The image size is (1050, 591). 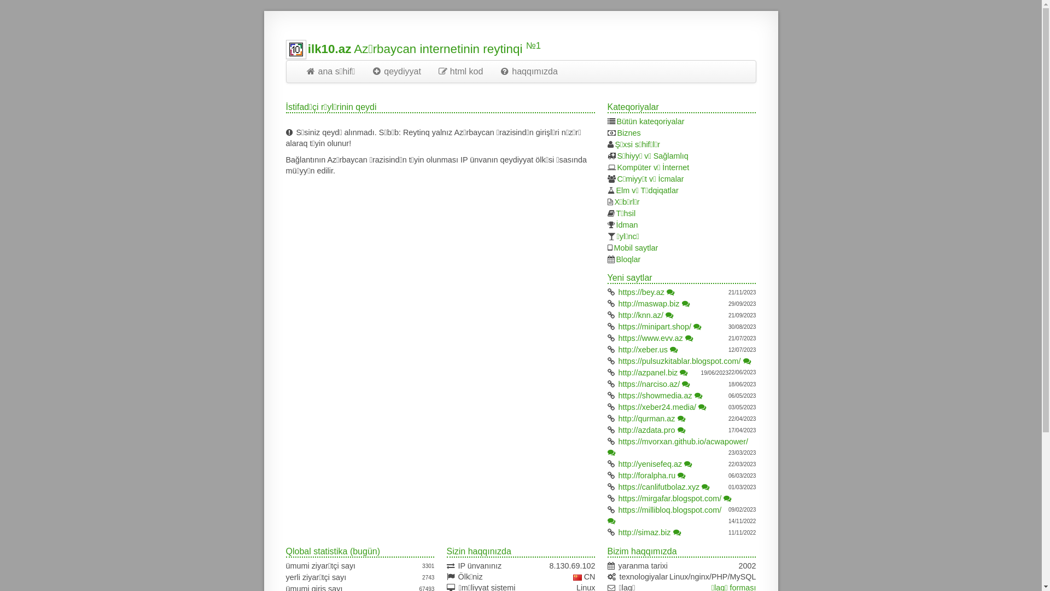 What do you see at coordinates (619, 407) in the screenshot?
I see `'https://xeber24.media/'` at bounding box center [619, 407].